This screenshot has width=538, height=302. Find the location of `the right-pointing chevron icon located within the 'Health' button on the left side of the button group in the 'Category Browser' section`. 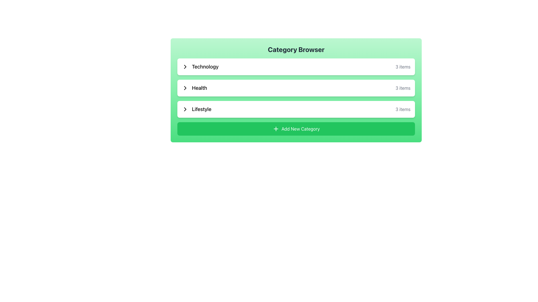

the right-pointing chevron icon located within the 'Health' button on the left side of the button group in the 'Category Browser' section is located at coordinates (185, 88).